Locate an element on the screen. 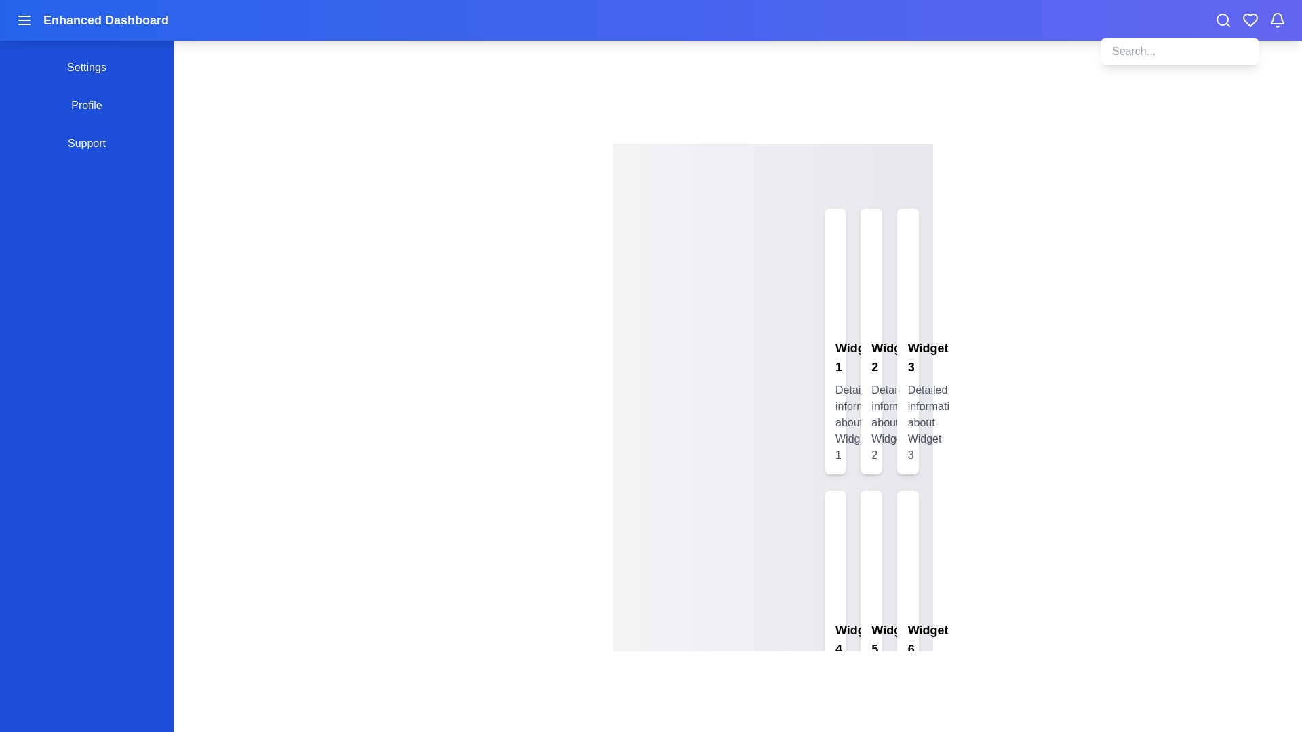 This screenshot has width=1302, height=732. the notification bell icon located in the top-right corner of the dashboard interface, adjacent to a heart icon and a search bar is located at coordinates (1276, 18).